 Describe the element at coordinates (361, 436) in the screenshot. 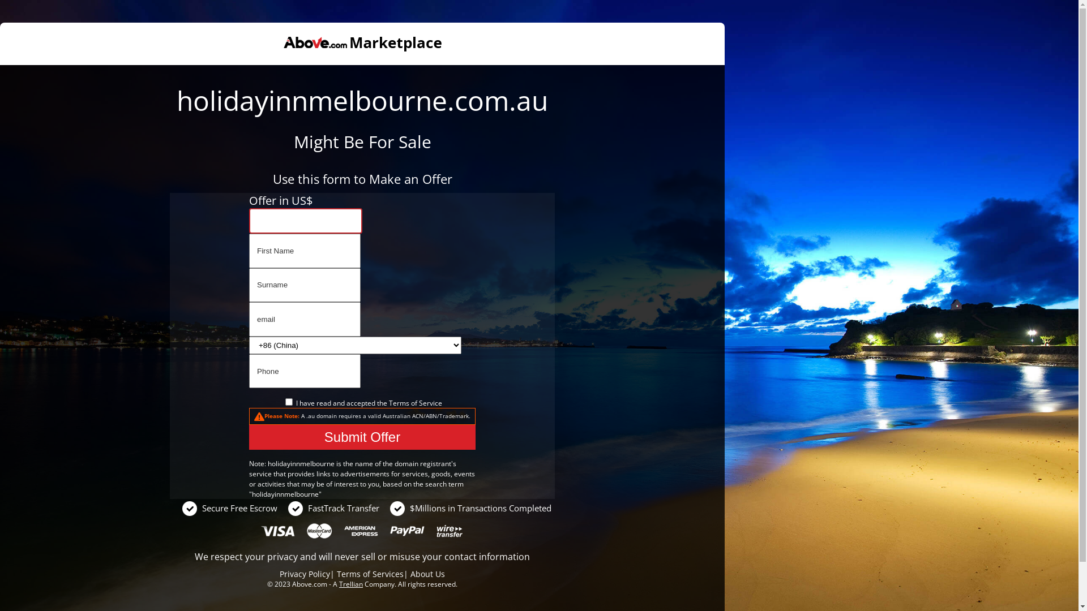

I see `'Submit Offer'` at that location.